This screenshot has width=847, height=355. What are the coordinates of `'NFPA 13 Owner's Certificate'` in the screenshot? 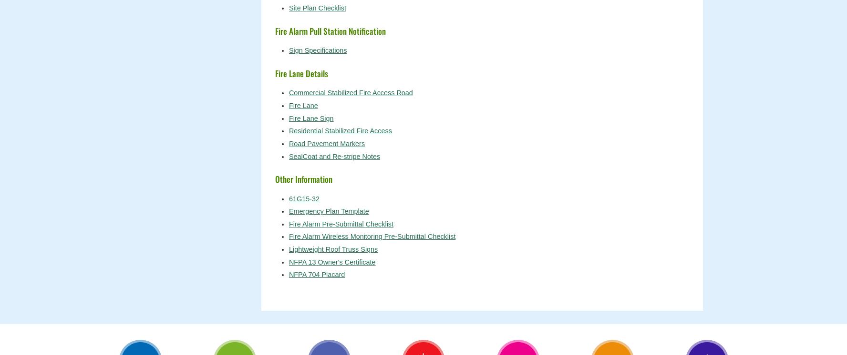 It's located at (332, 262).